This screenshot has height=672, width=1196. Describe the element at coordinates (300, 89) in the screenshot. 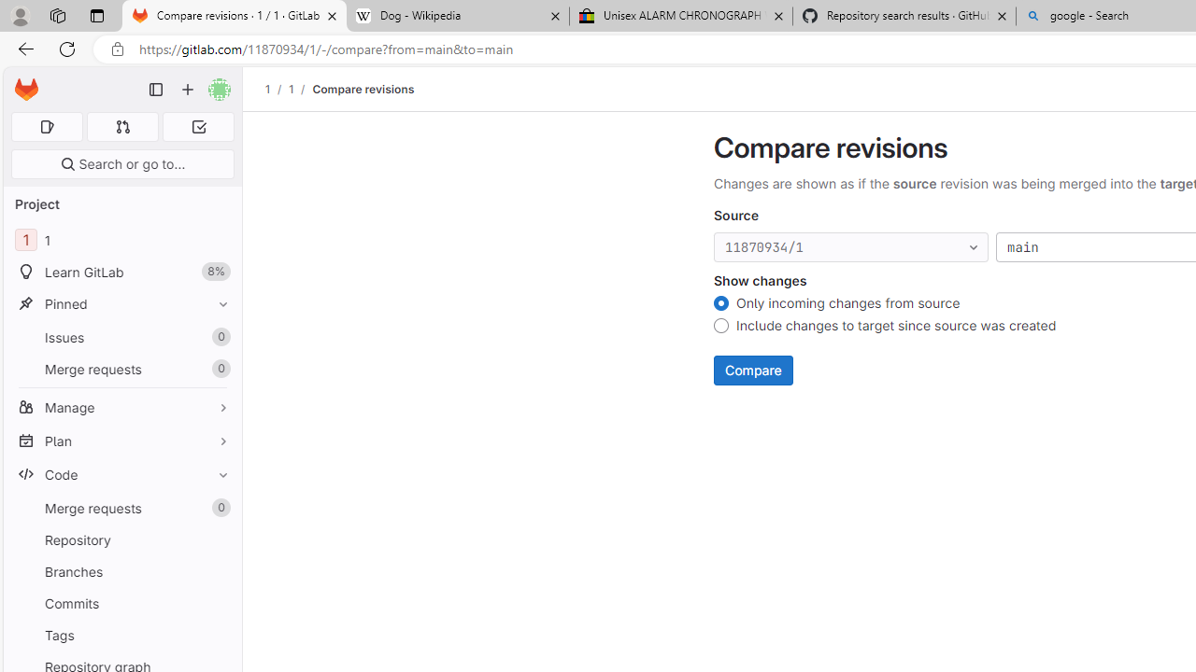

I see `'1/'` at that location.